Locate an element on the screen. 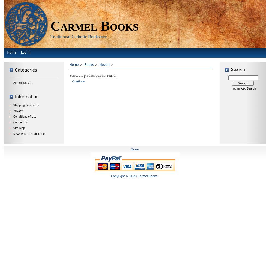  'Search' is located at coordinates (238, 69).